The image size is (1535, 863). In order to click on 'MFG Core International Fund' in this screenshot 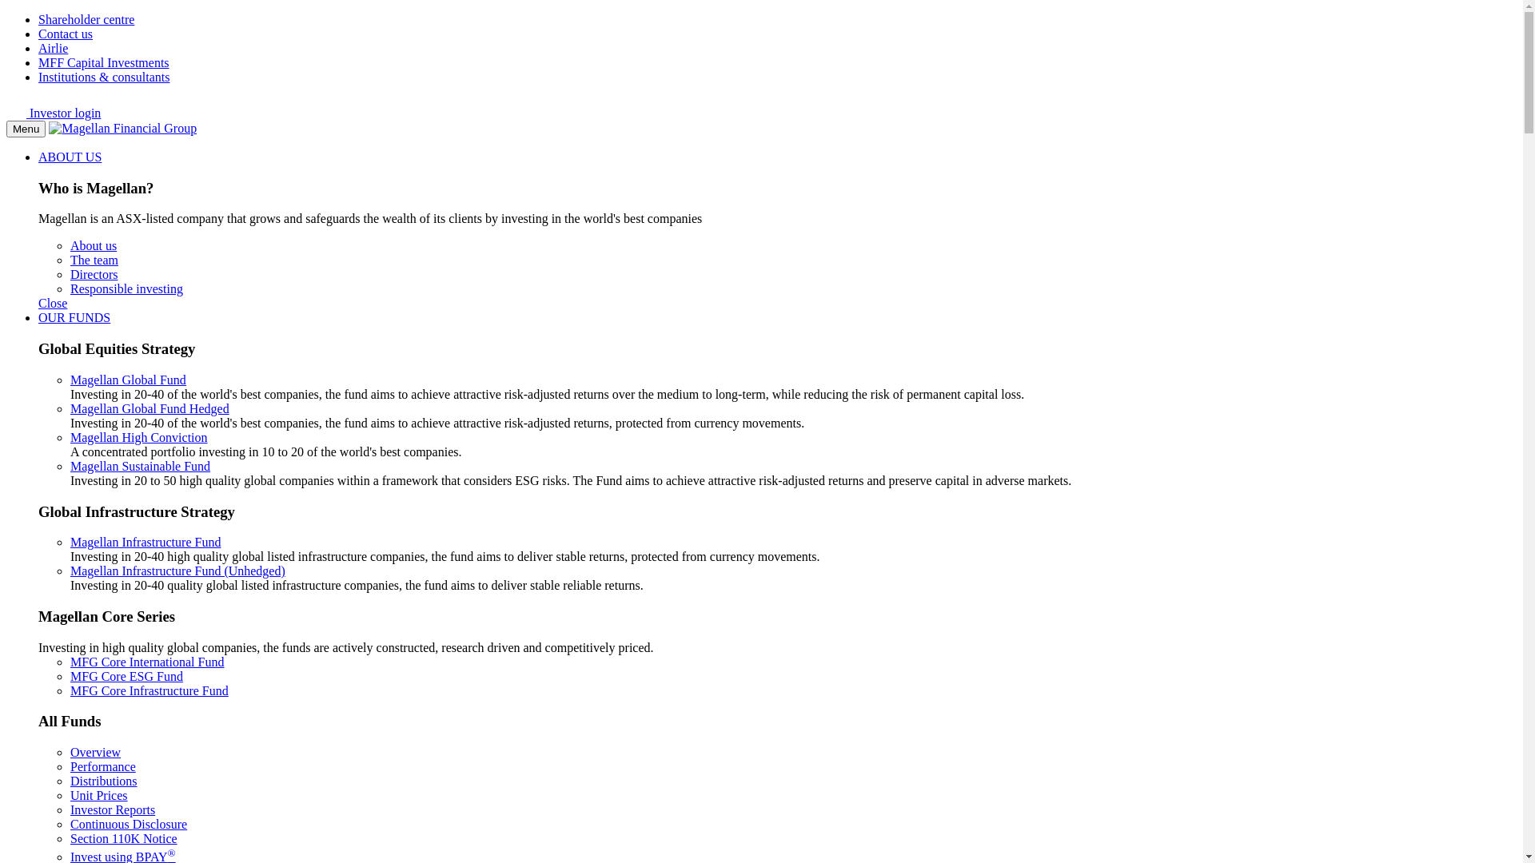, I will do `click(146, 662)`.